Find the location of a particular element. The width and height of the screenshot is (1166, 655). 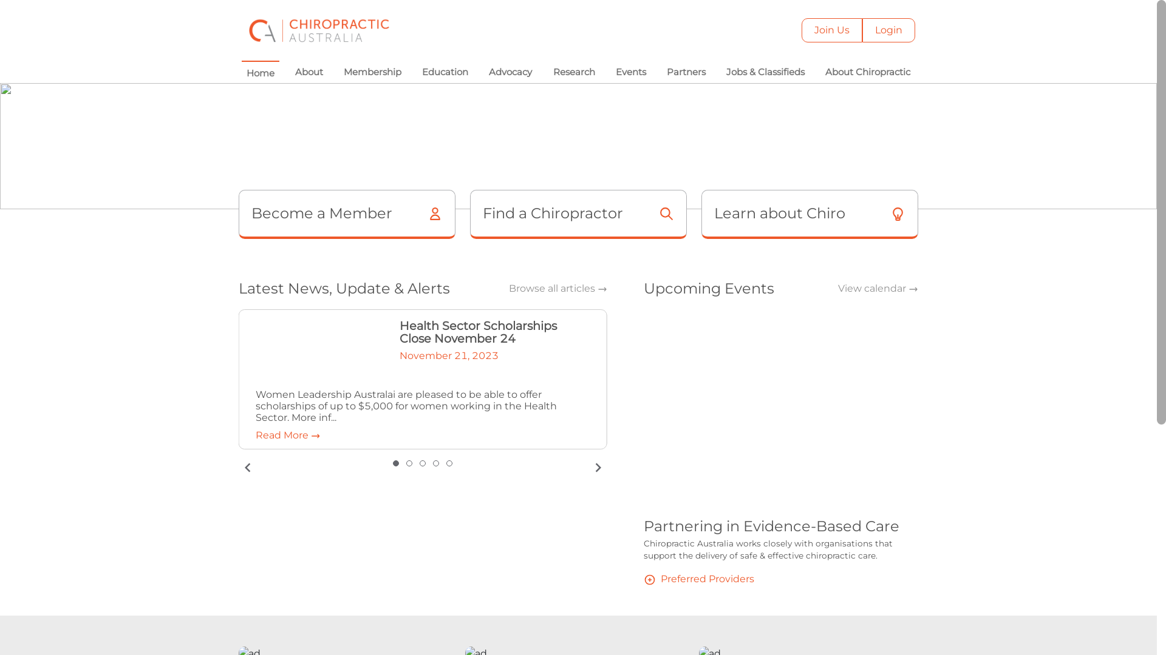

'About' is located at coordinates (309, 72).